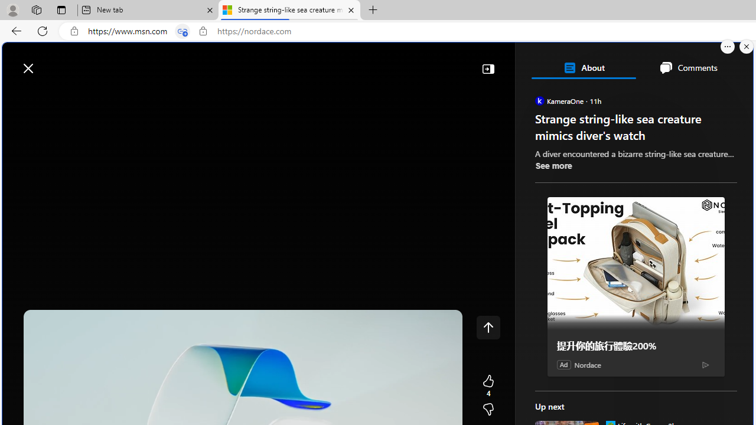 Image resolution: width=756 pixels, height=425 pixels. I want to click on 'Discover', so click(49, 96).